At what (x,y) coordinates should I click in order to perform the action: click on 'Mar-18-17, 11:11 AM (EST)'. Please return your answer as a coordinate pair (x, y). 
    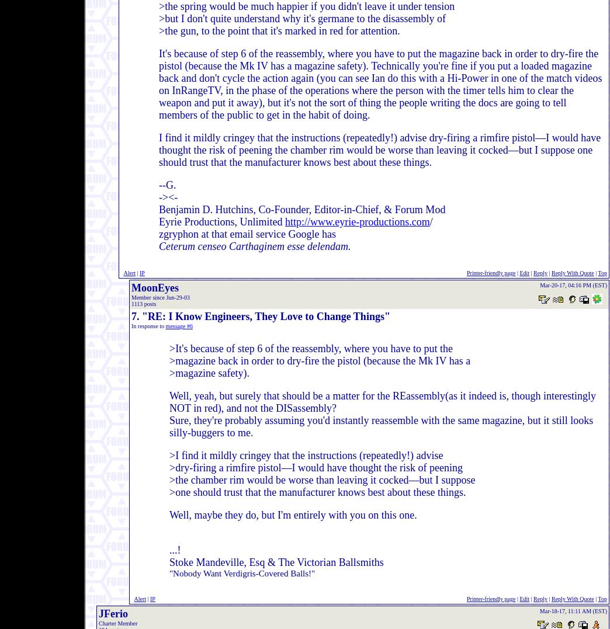
    Looking at the image, I should click on (573, 611).